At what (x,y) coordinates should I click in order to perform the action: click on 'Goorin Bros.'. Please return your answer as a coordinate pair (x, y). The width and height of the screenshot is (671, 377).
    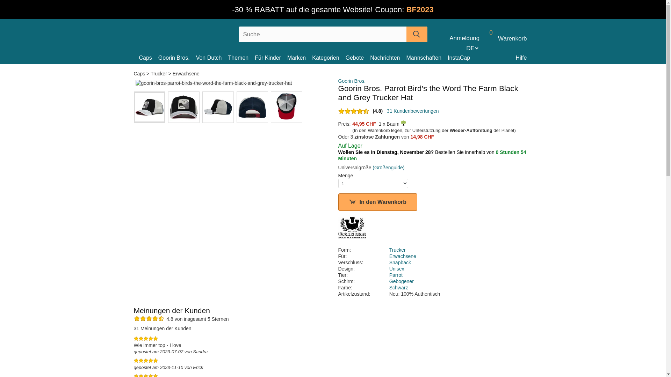
    Looking at the image, I should click on (177, 57).